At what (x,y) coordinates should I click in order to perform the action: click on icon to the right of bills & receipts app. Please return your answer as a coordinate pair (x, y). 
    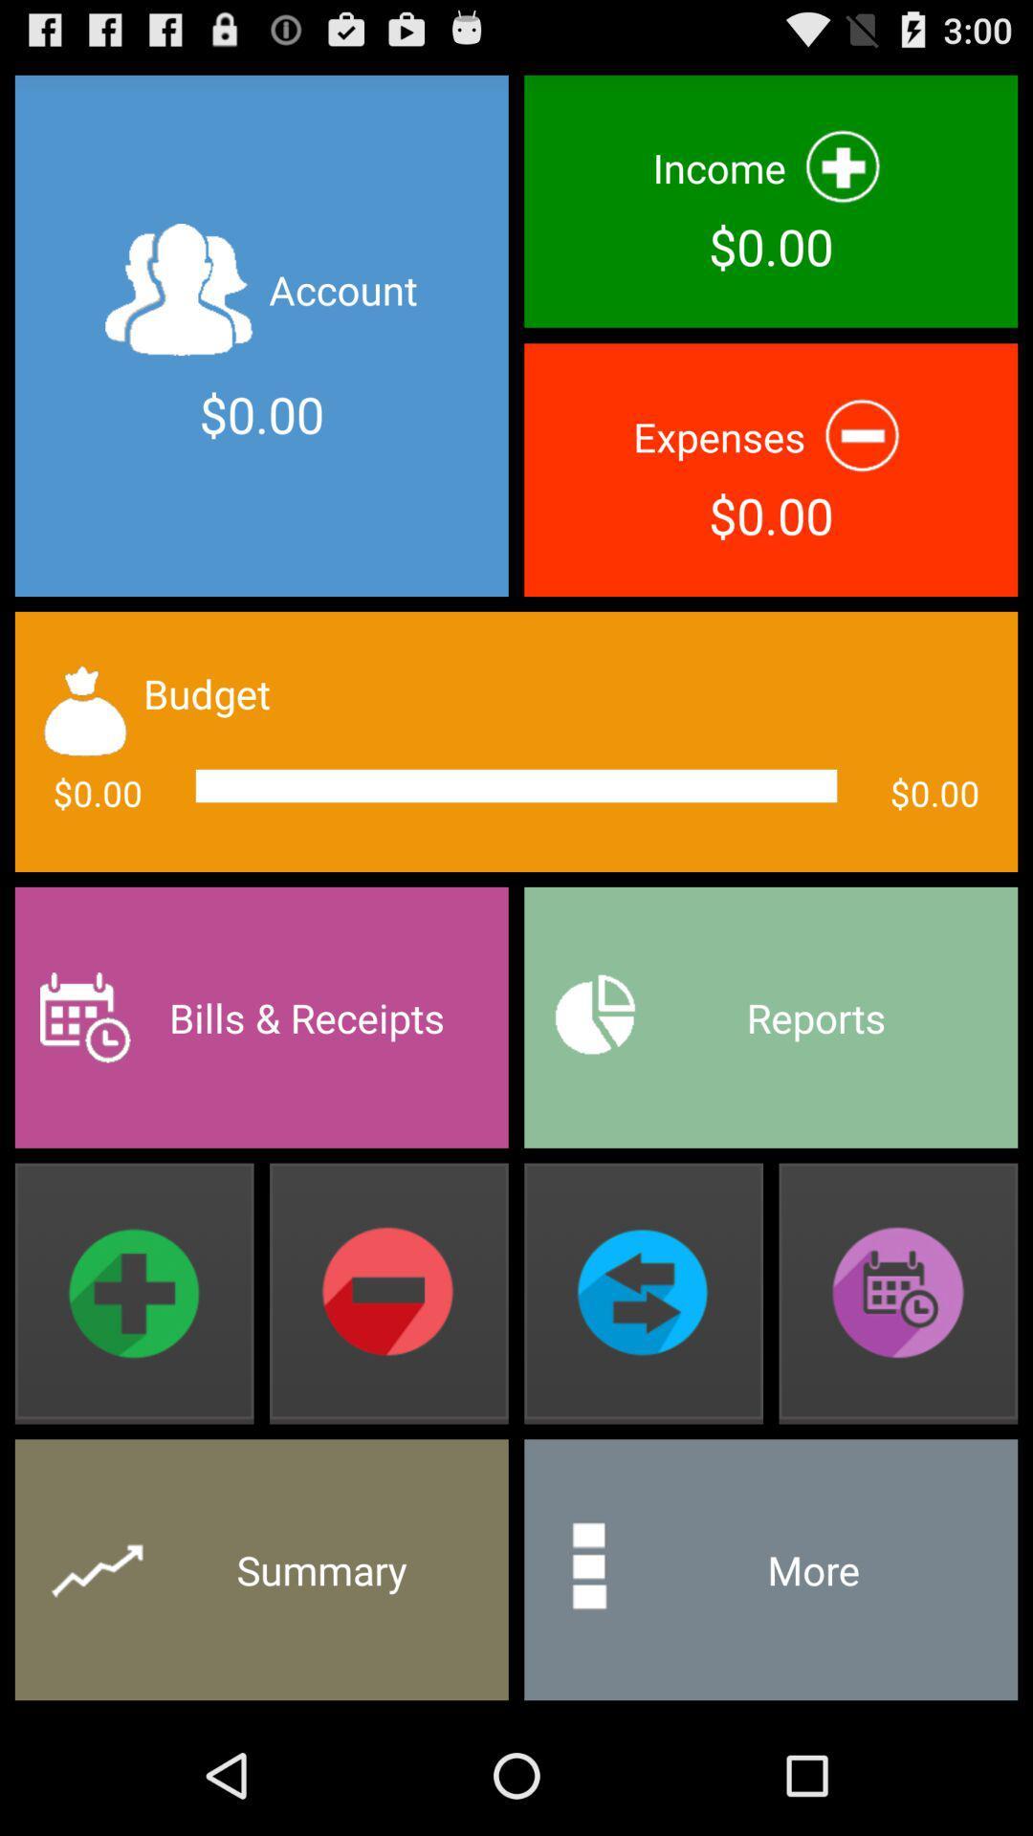
    Looking at the image, I should click on (770, 1016).